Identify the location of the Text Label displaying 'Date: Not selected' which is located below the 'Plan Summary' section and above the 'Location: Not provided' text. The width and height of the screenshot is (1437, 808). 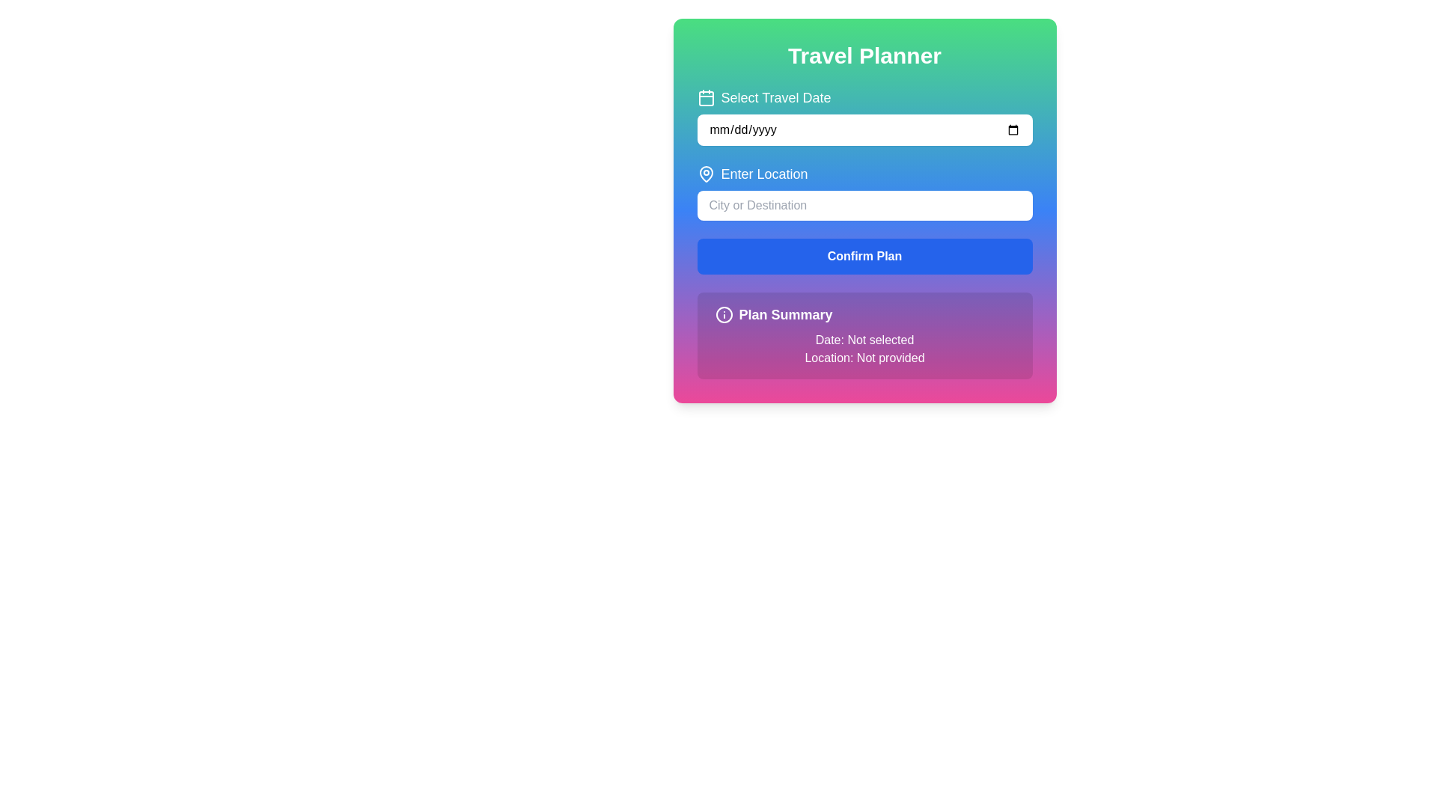
(864, 340).